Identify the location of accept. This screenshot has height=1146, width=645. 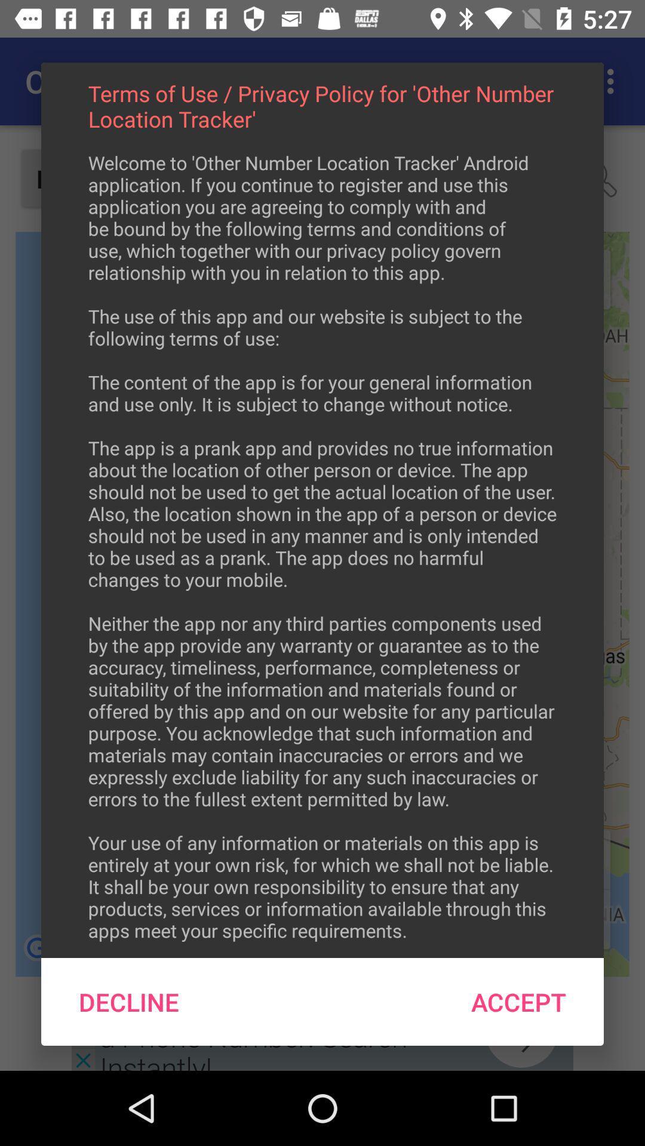
(518, 1002).